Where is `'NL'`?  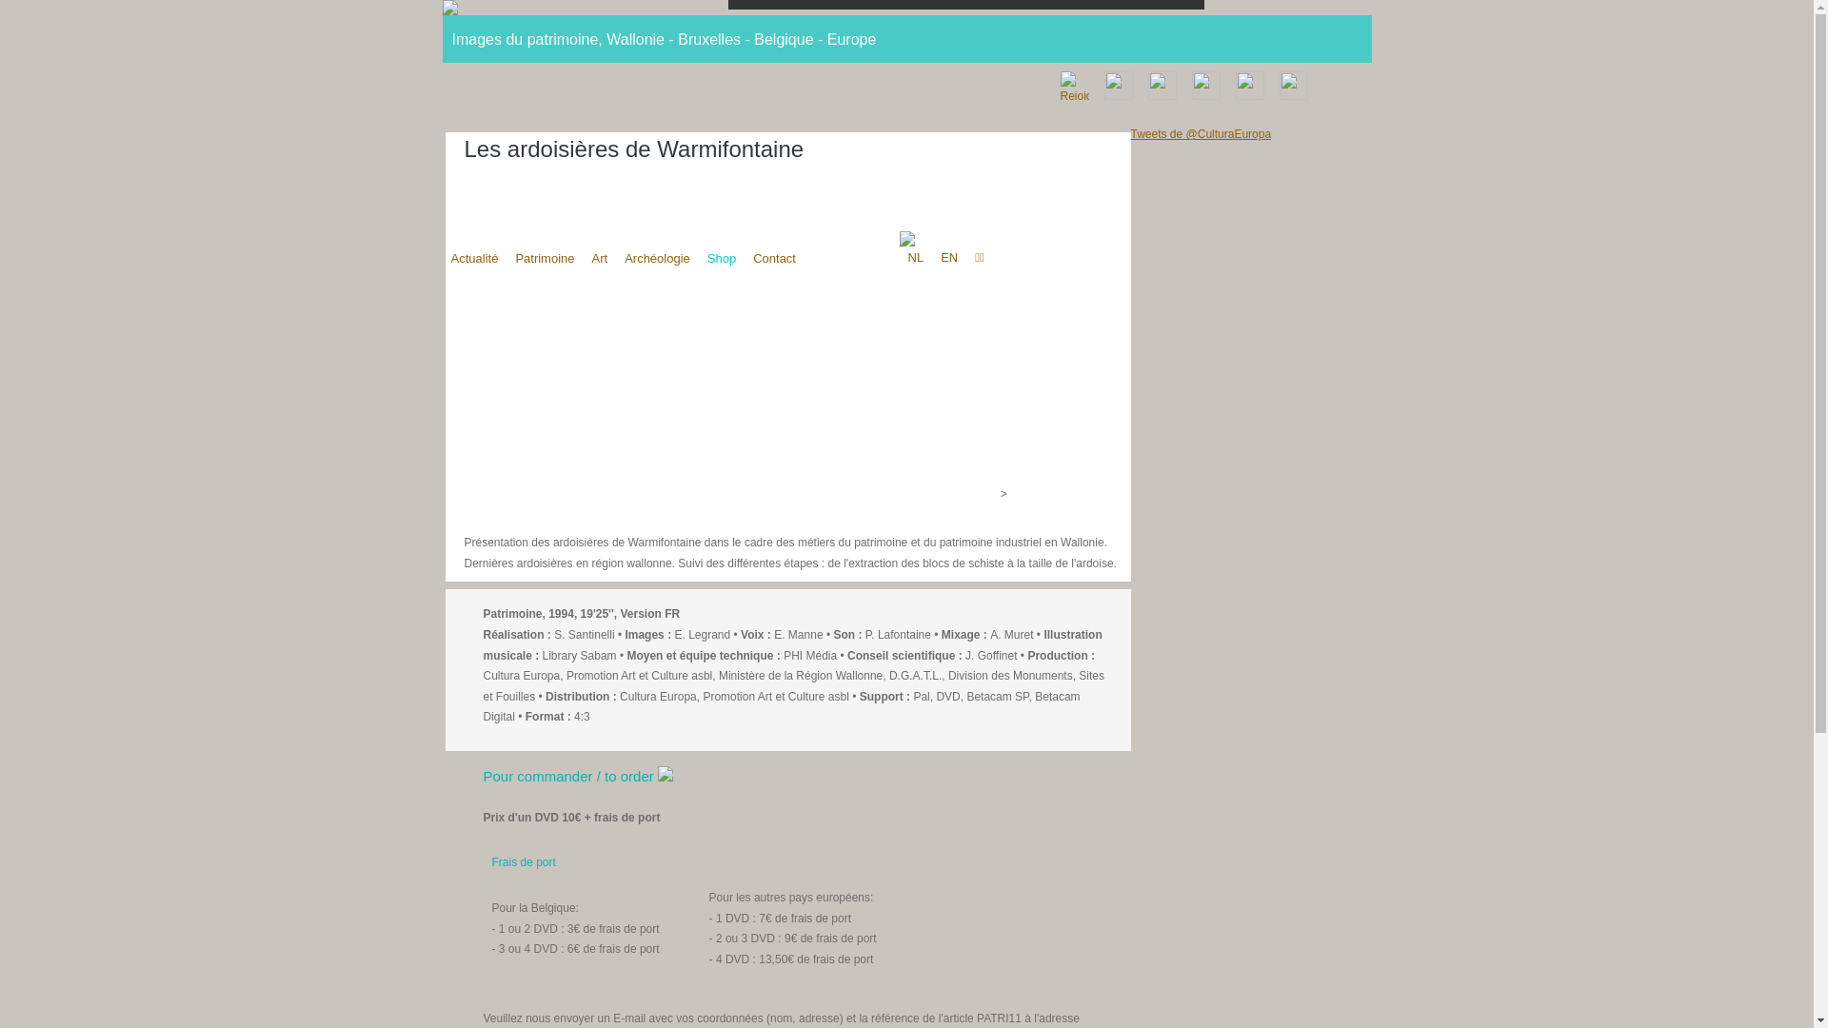
'NL' is located at coordinates (898, 257).